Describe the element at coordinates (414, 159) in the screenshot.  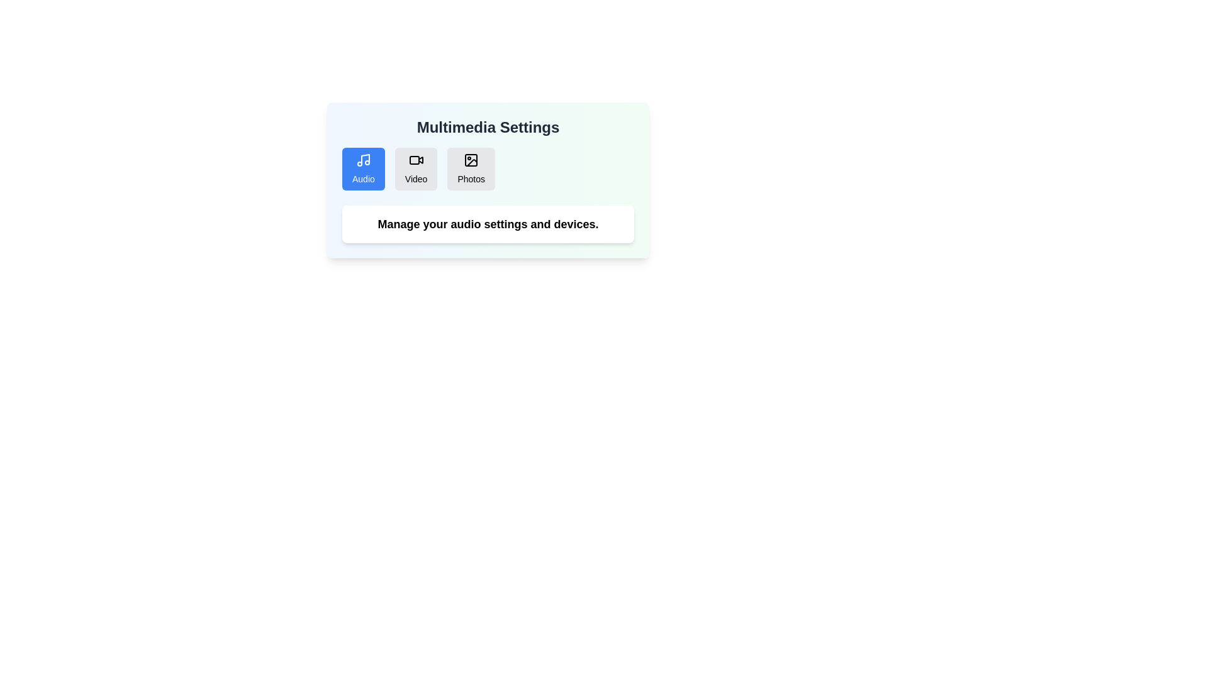
I see `the 'Video' button icon in the 'Multimedia Settings' panel, which is the second button in a row of three buttons labeled 'Audio', 'Video', and 'Photos'` at that location.